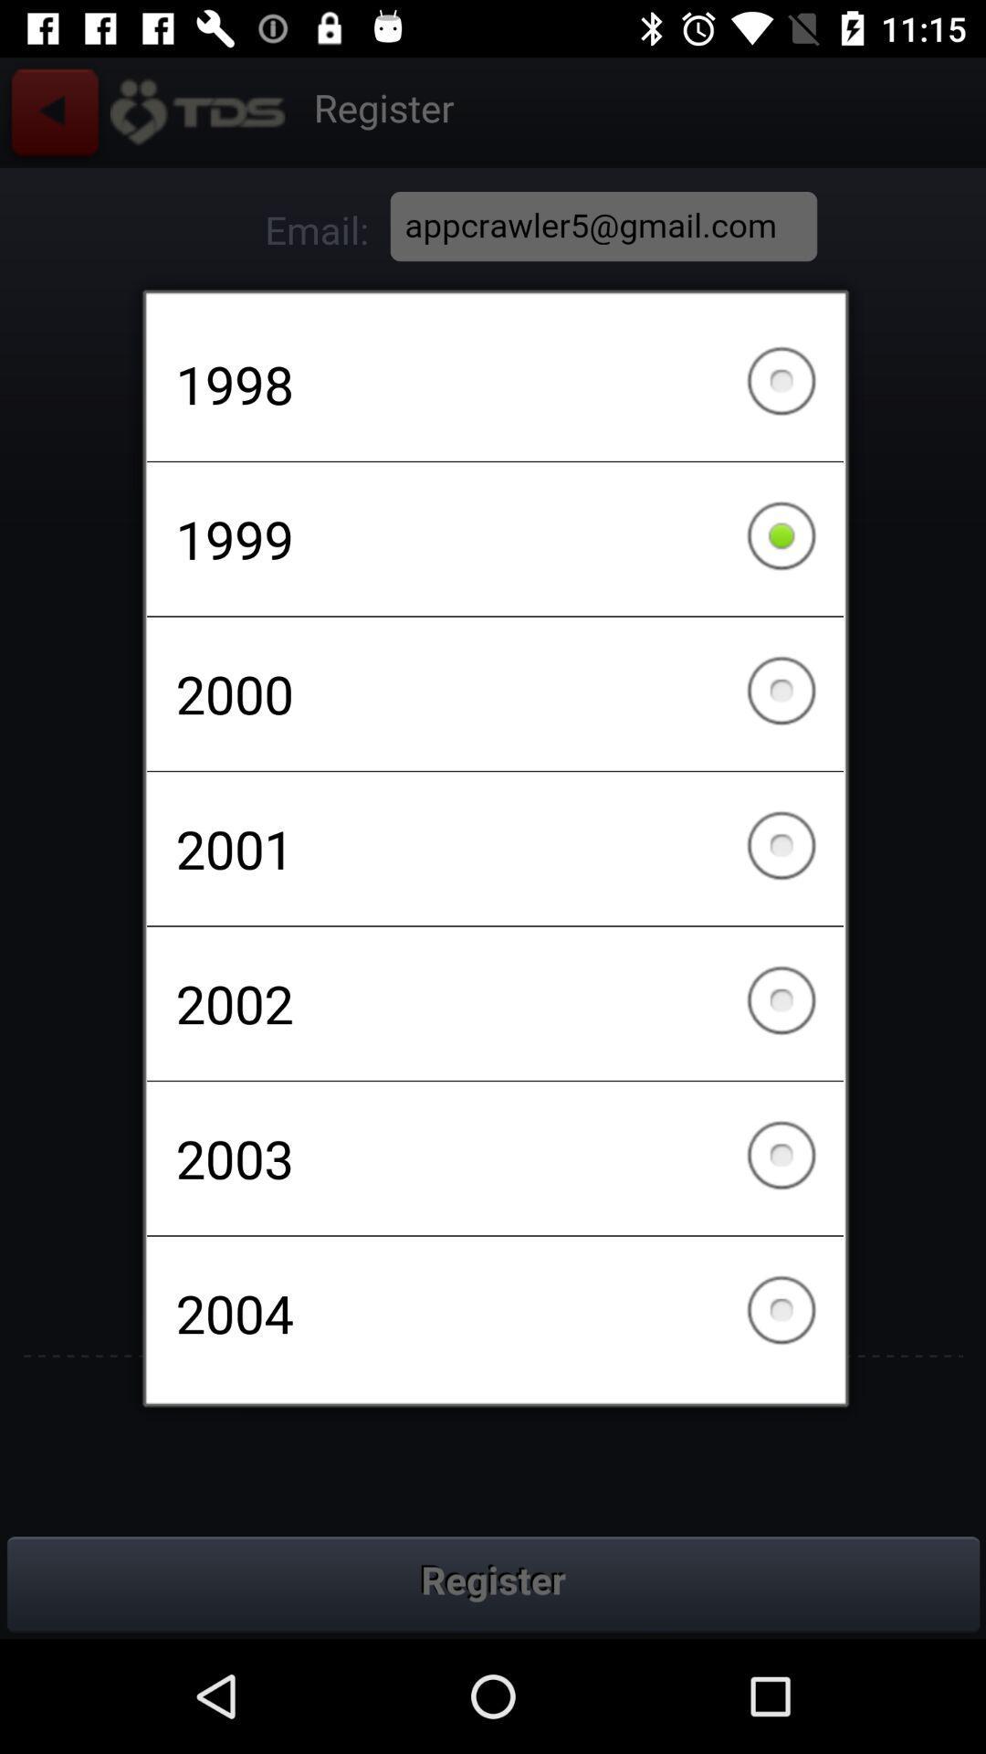 The image size is (986, 1754). What do you see at coordinates (495, 1157) in the screenshot?
I see `2003 item` at bounding box center [495, 1157].